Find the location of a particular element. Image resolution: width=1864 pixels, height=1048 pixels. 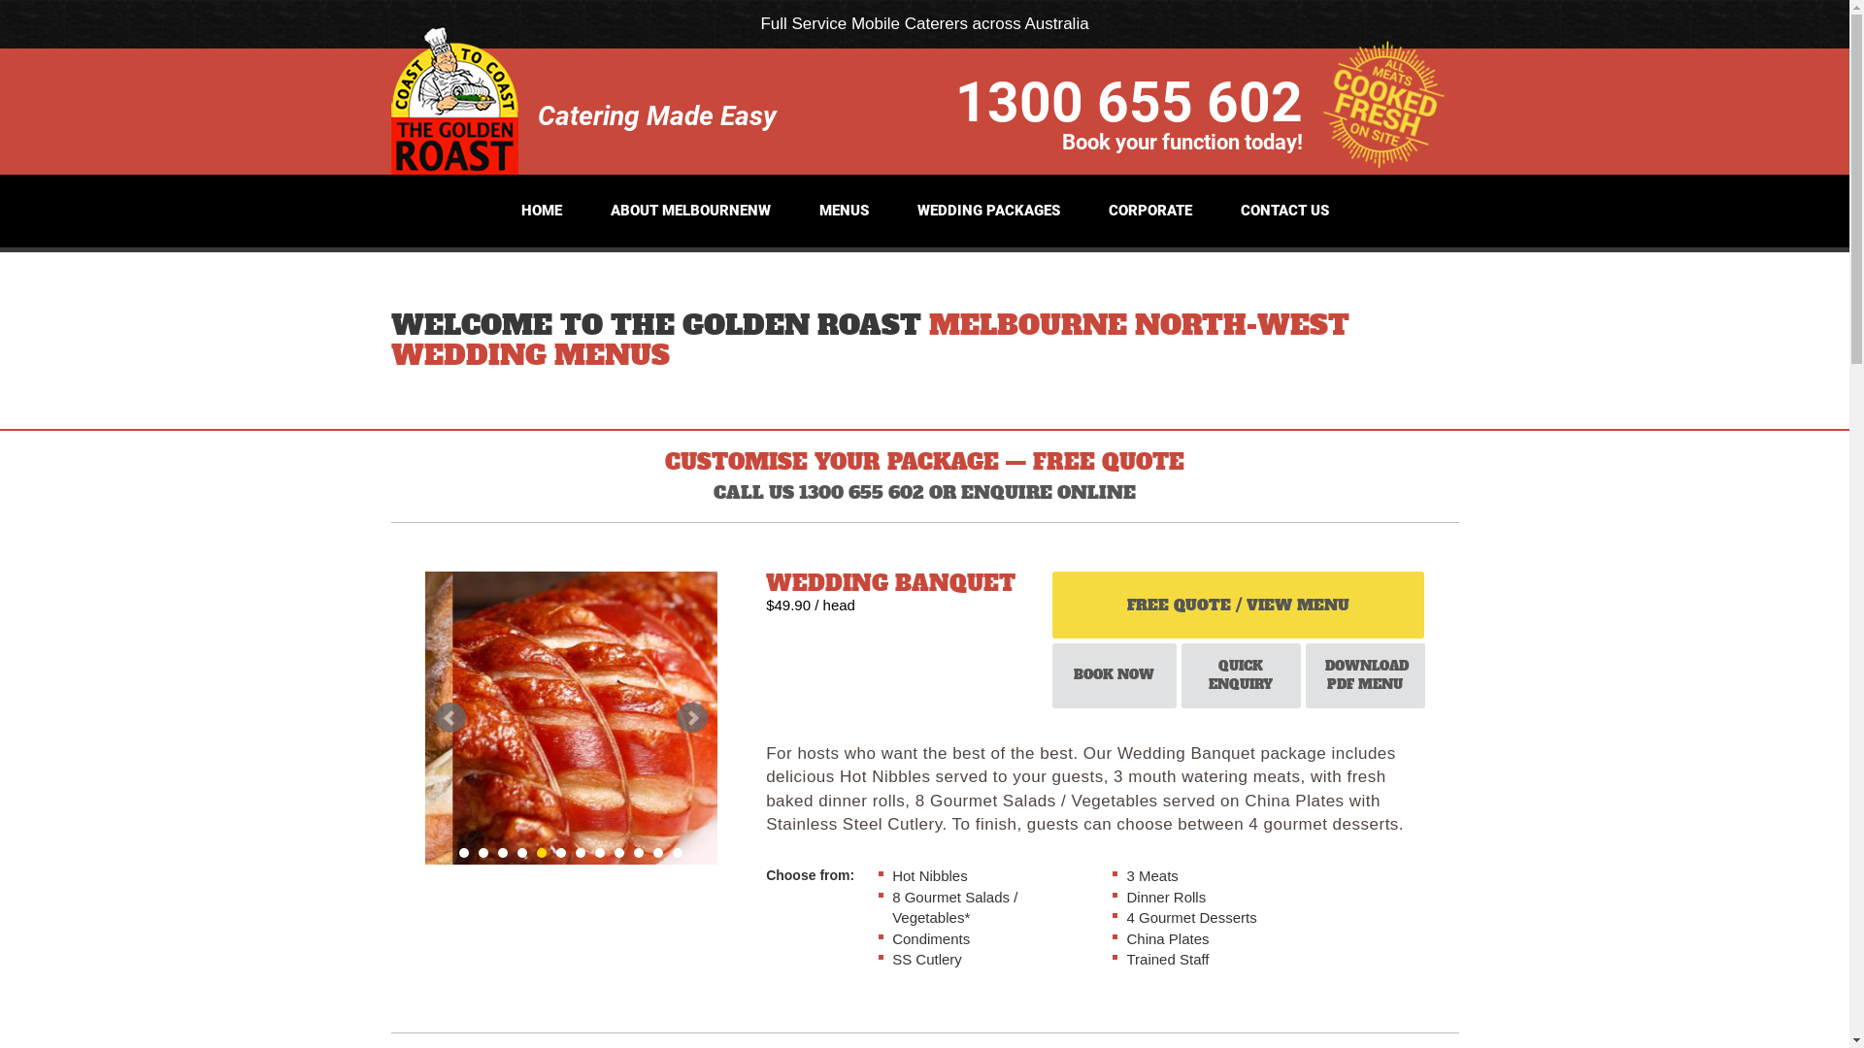

'6' is located at coordinates (559, 852).